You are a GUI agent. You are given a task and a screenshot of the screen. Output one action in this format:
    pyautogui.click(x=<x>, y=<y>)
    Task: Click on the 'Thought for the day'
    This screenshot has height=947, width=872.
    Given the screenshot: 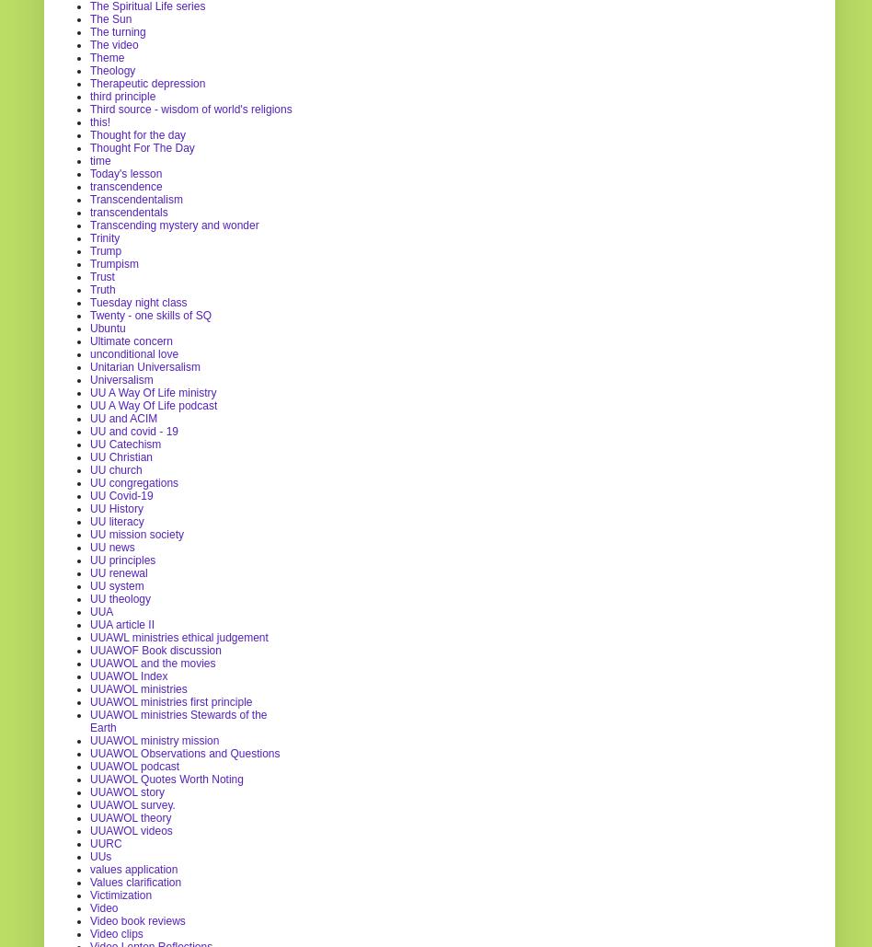 What is the action you would take?
    pyautogui.click(x=136, y=133)
    